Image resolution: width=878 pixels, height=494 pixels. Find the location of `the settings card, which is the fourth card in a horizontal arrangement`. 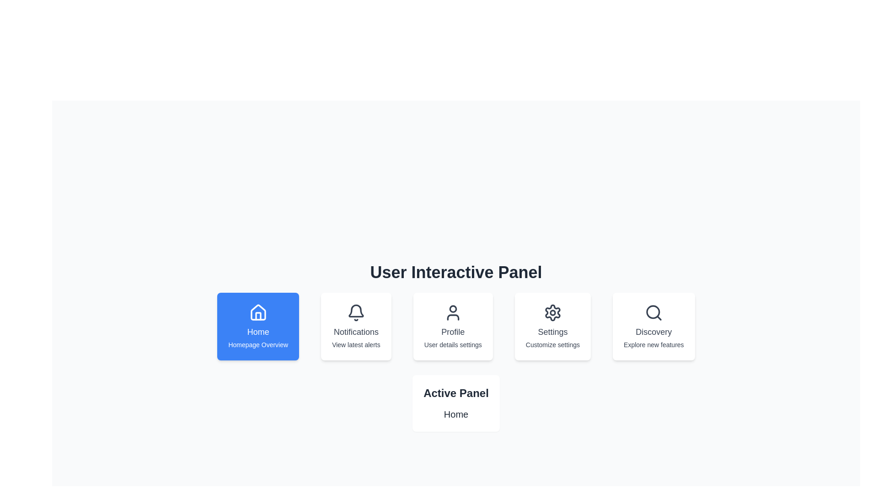

the settings card, which is the fourth card in a horizontal arrangement is located at coordinates (552, 326).